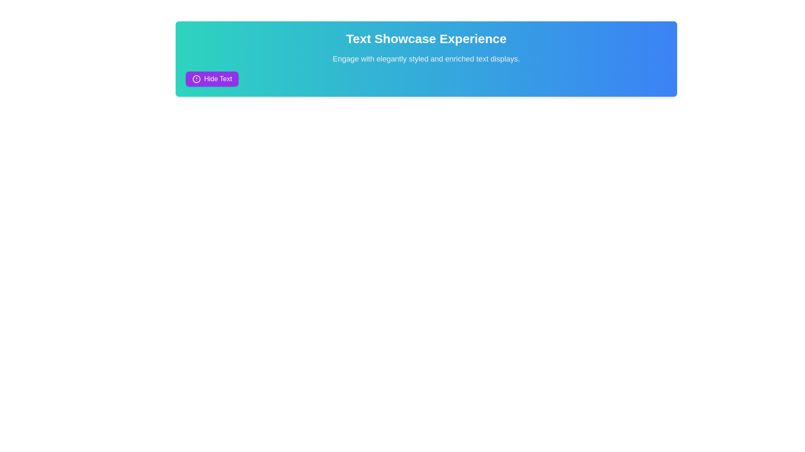  Describe the element at coordinates (426, 59) in the screenshot. I see `the Label/Text Display element that provides context or additional information, centrally positioned below the heading 'Text Showcase Experience' and above the 'Hide Text' button` at that location.